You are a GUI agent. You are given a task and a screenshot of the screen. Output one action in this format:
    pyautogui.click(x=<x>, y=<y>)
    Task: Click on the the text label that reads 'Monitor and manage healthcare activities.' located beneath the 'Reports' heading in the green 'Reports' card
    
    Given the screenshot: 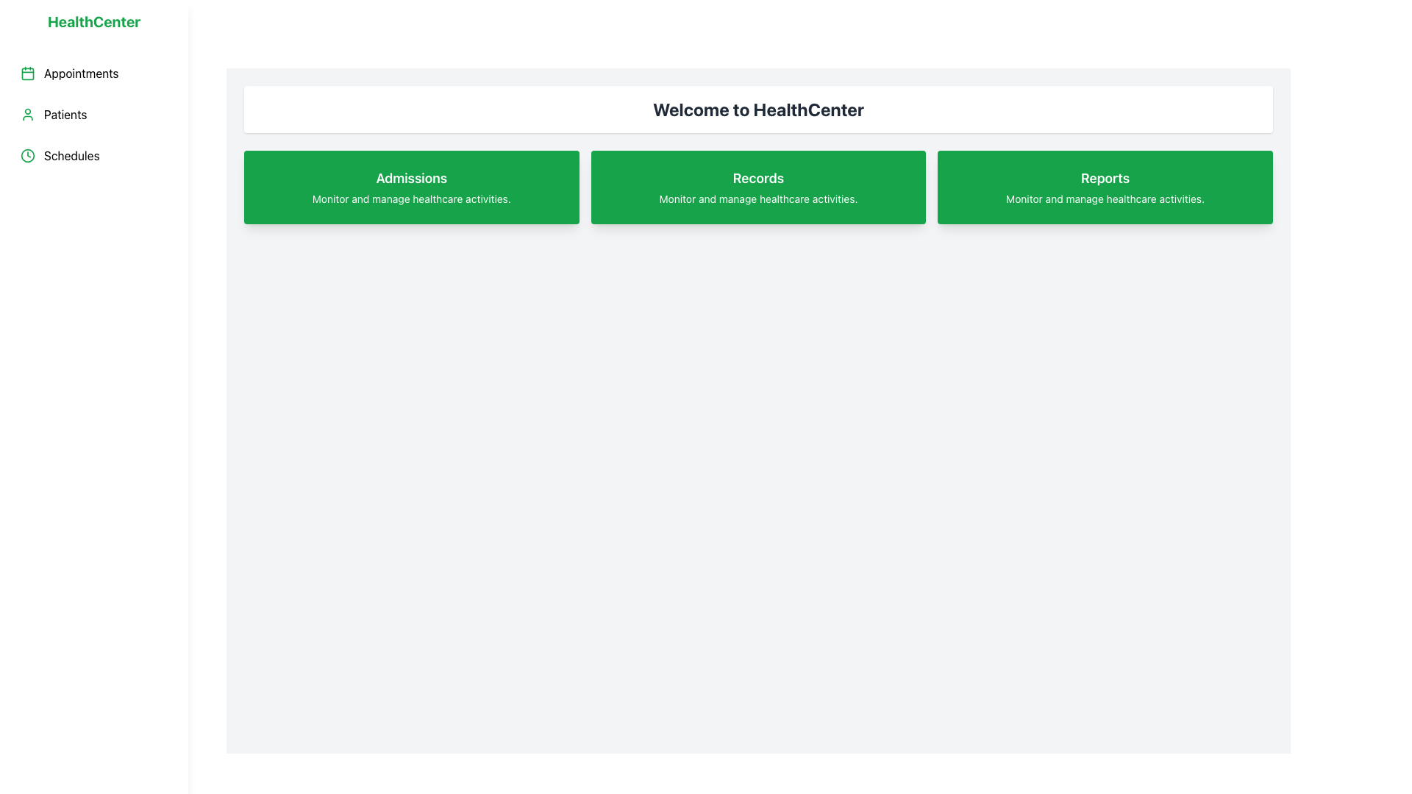 What is the action you would take?
    pyautogui.click(x=1105, y=198)
    